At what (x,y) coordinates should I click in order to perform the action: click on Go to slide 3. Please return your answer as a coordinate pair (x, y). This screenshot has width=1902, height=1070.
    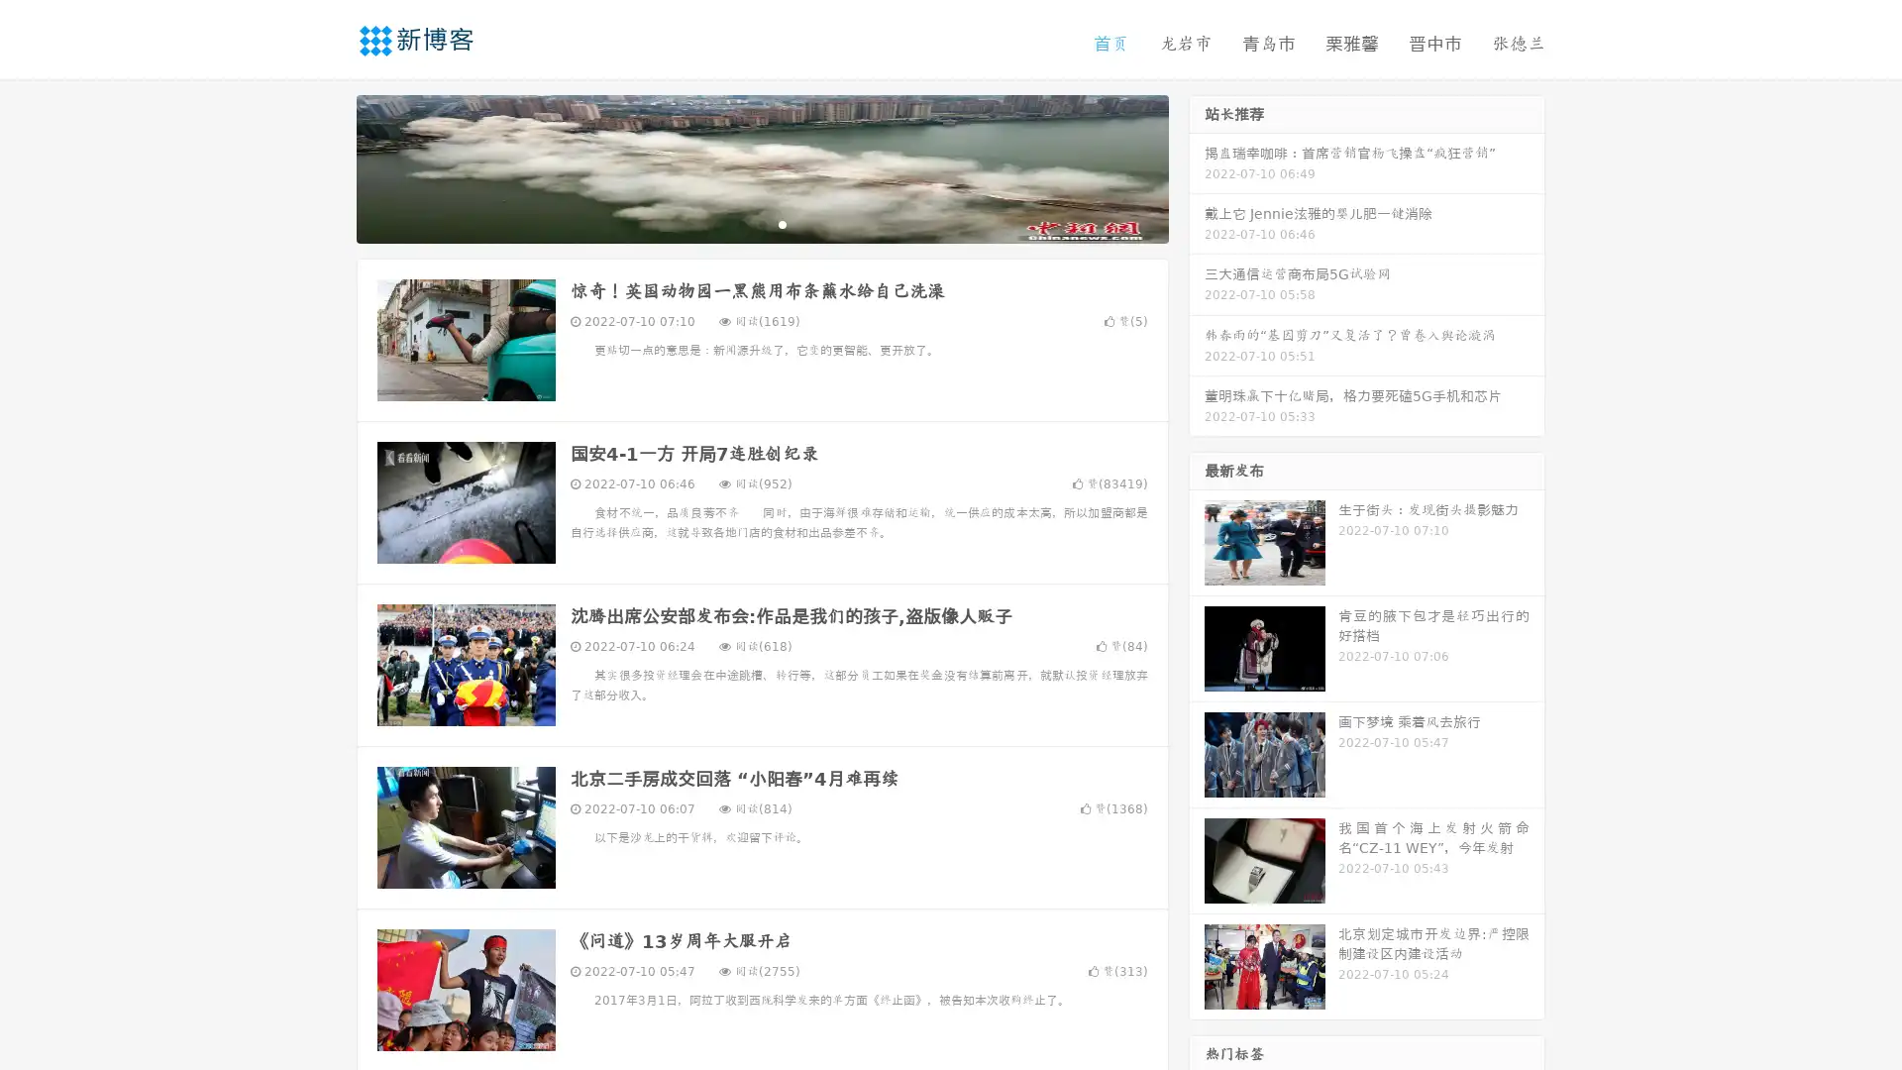
    Looking at the image, I should click on (782, 223).